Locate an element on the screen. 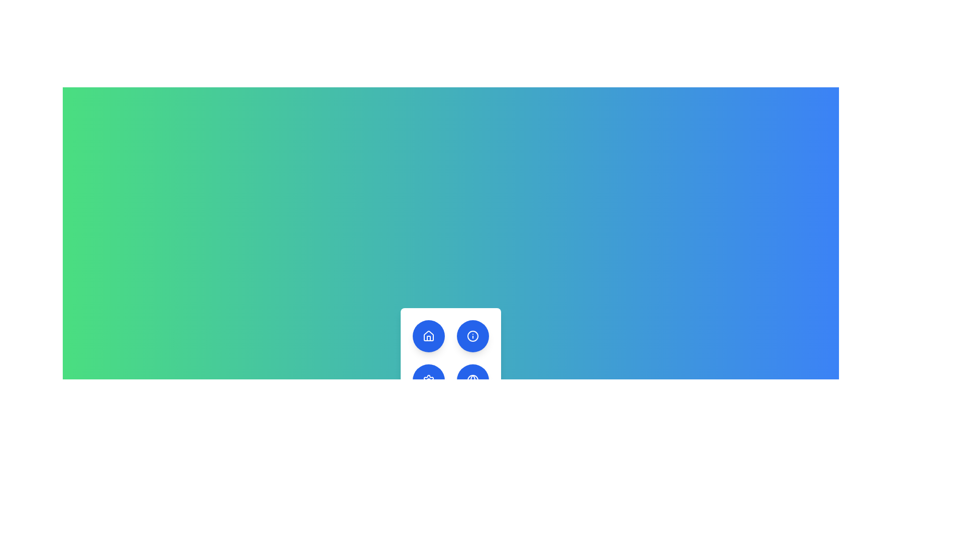 This screenshot has height=542, width=964. the button located in the top-right corner of the grid layout is located at coordinates (472, 336).